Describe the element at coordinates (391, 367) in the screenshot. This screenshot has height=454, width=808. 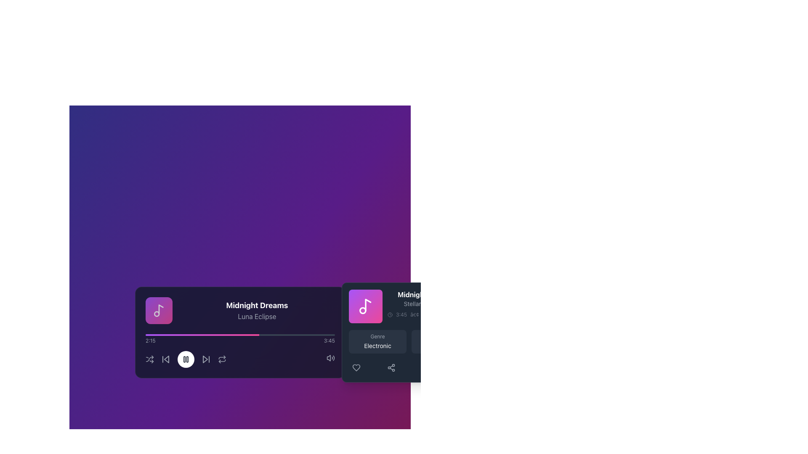
I see `the share icon represented by a circular network of three dots connected by lines, styled in white against a dark background, located in the lower right corner of the music information card` at that location.